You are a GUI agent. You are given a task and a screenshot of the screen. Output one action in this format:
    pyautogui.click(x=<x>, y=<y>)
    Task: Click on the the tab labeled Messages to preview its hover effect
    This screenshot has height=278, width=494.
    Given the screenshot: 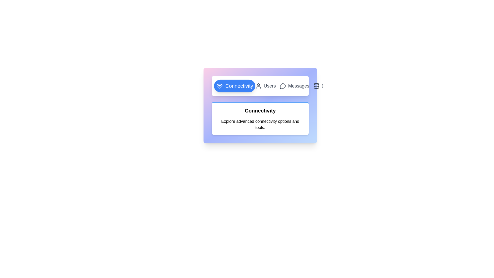 What is the action you would take?
    pyautogui.click(x=295, y=86)
    